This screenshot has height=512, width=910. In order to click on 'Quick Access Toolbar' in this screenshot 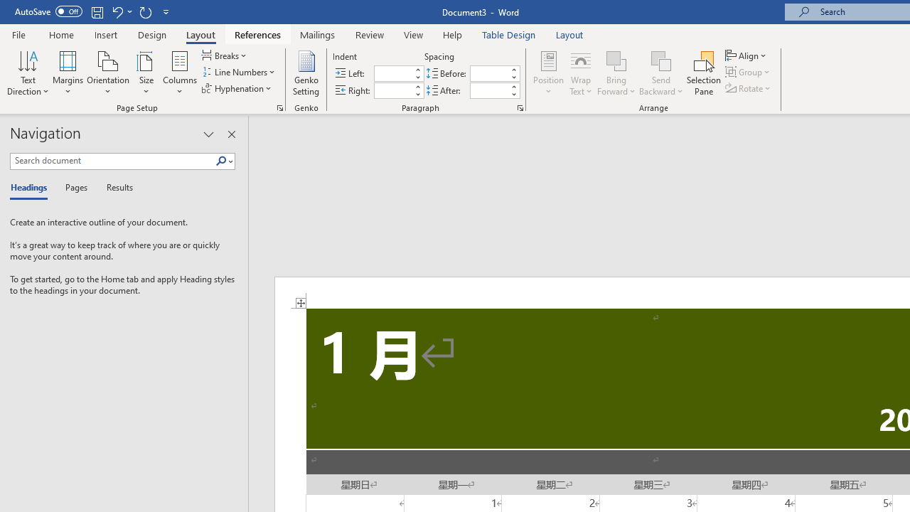, I will do `click(92, 11)`.